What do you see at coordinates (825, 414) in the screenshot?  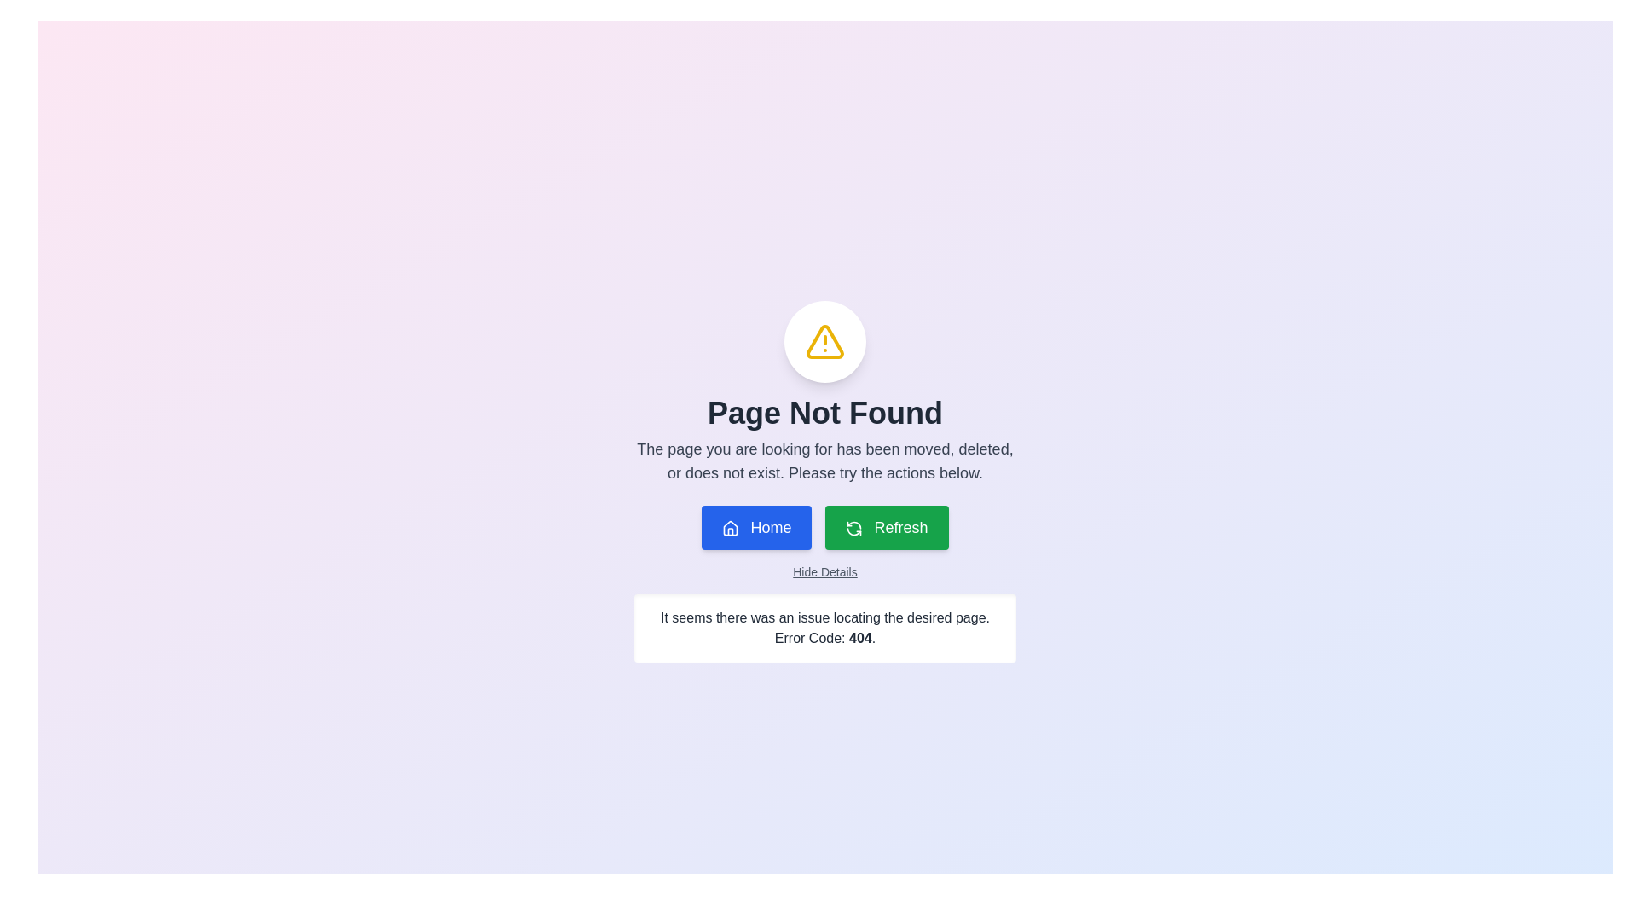 I see `the main heading text label for the error message page, which is positioned in the center of the page, below the warning icon and above the descriptive paragraph` at bounding box center [825, 414].